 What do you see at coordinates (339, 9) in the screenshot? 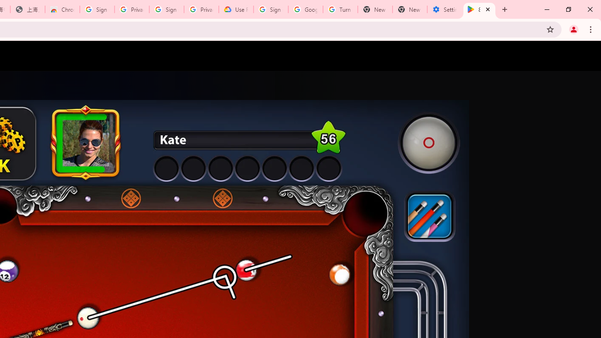
I see `'Turn cookies on or off - Computer - Google Account Help'` at bounding box center [339, 9].